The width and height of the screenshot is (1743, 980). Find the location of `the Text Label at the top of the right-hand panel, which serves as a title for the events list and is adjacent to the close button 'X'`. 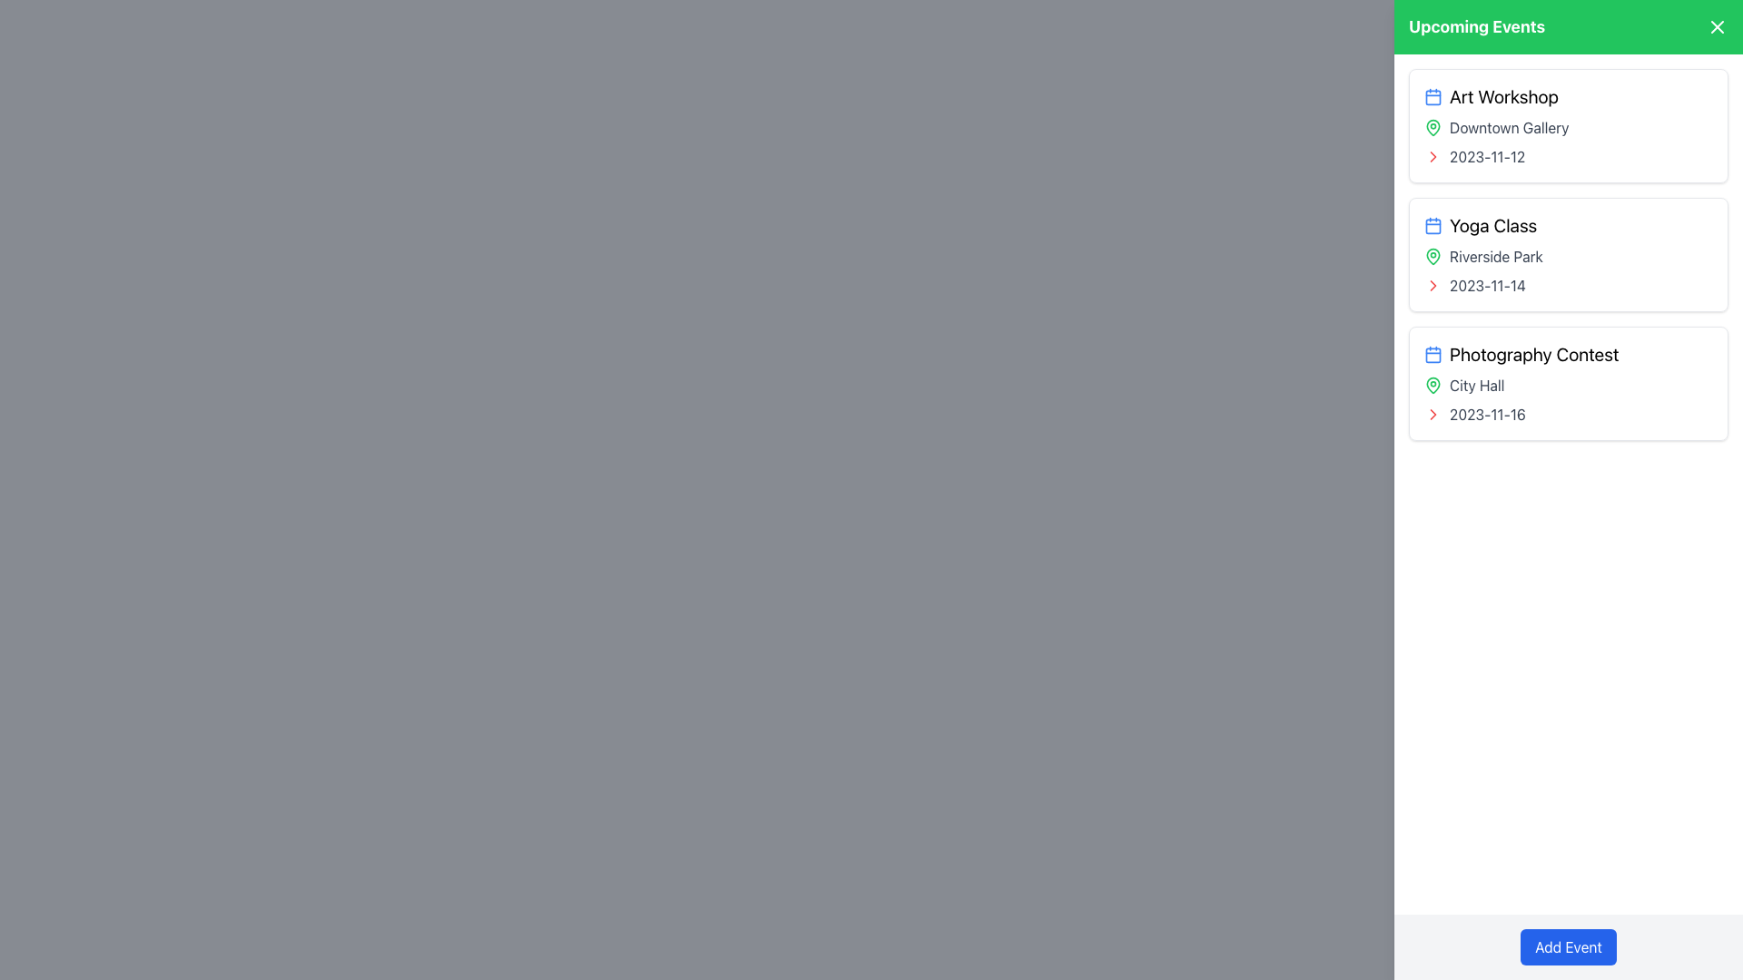

the Text Label at the top of the right-hand panel, which serves as a title for the events list and is adjacent to the close button 'X' is located at coordinates (1477, 27).